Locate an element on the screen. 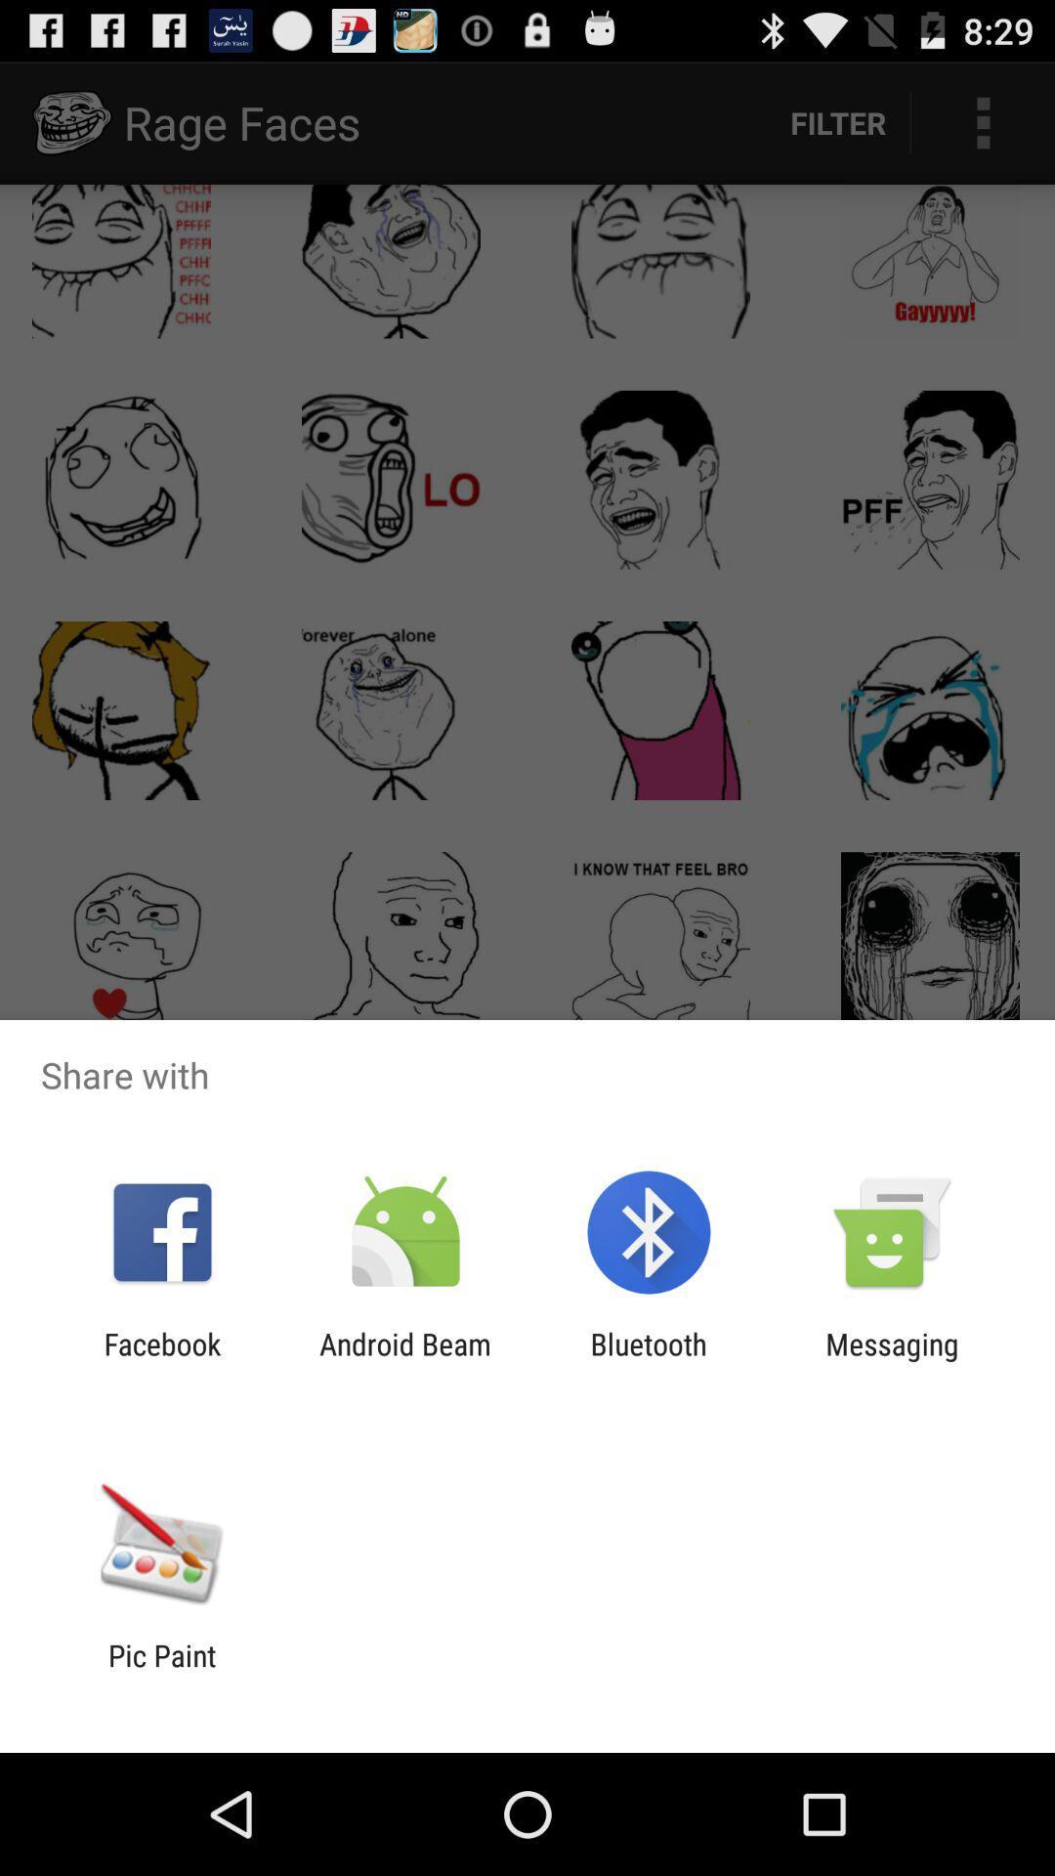  icon at the bottom right corner is located at coordinates (892, 1360).